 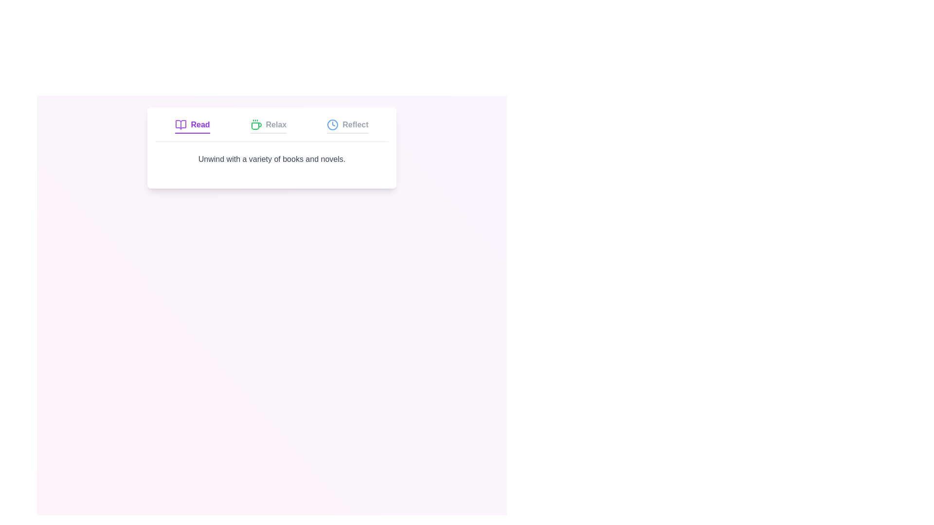 What do you see at coordinates (268, 125) in the screenshot?
I see `the Relax tab to switch its content` at bounding box center [268, 125].